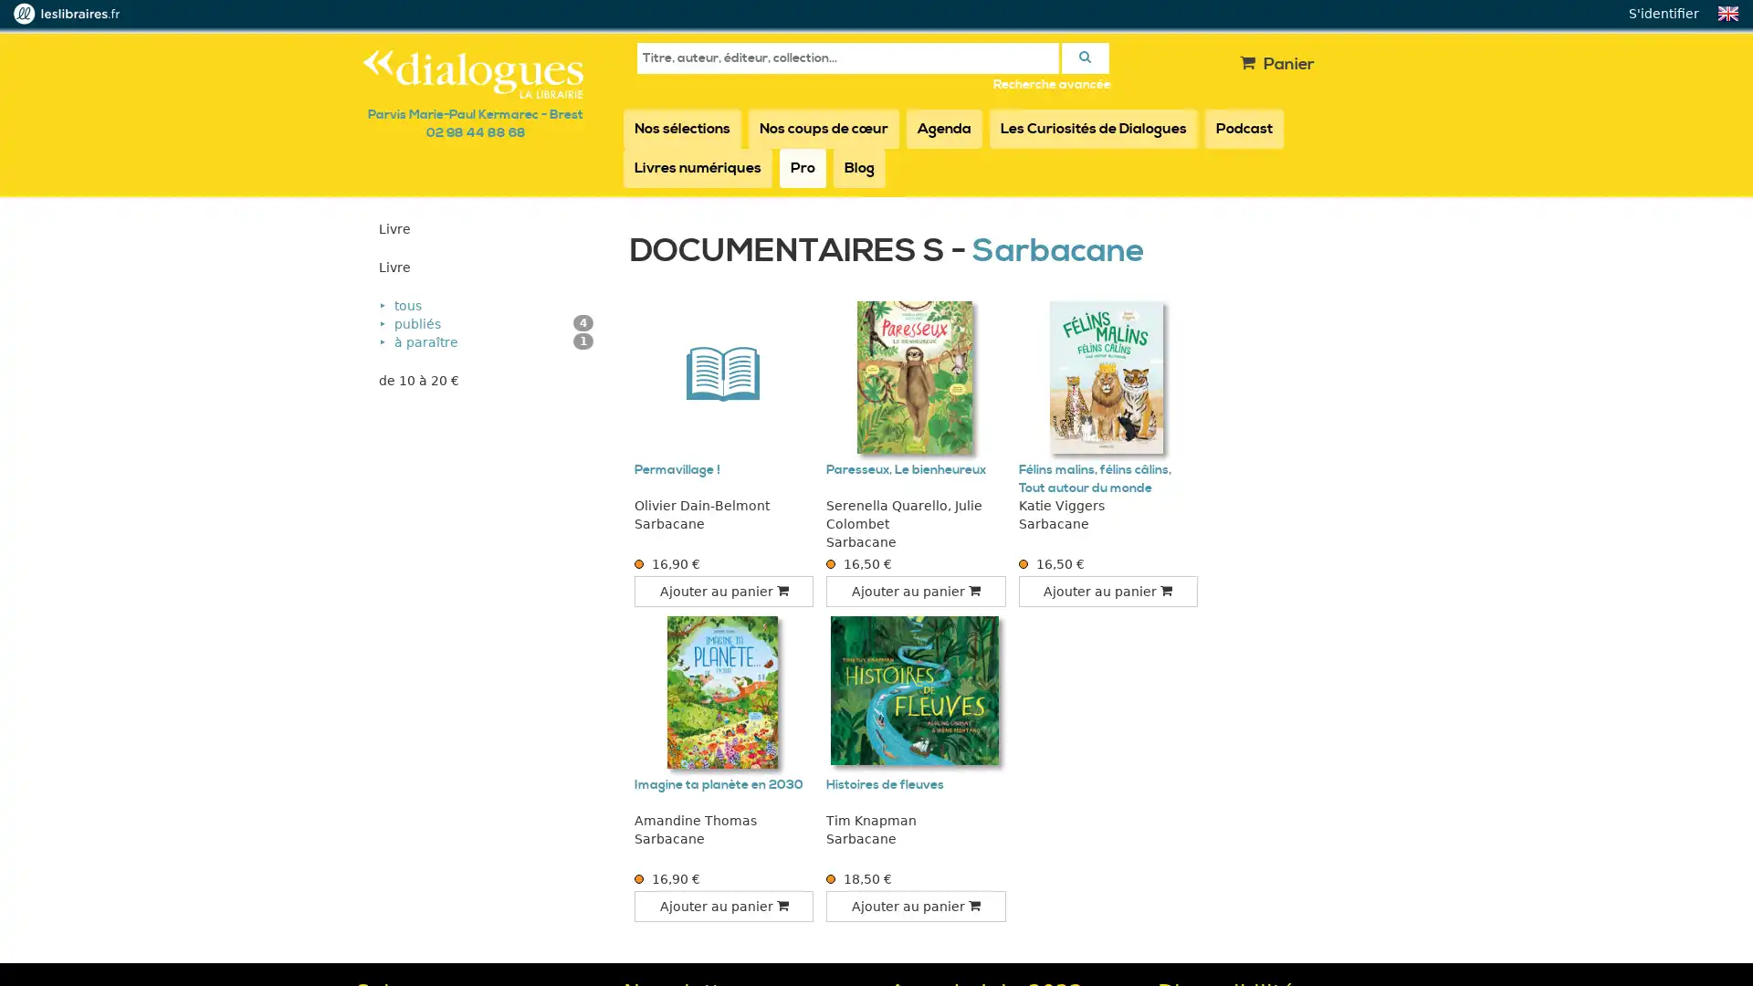 The height and width of the screenshot is (986, 1753). Describe the element at coordinates (1107, 592) in the screenshot. I see `Ajouter au panier` at that location.